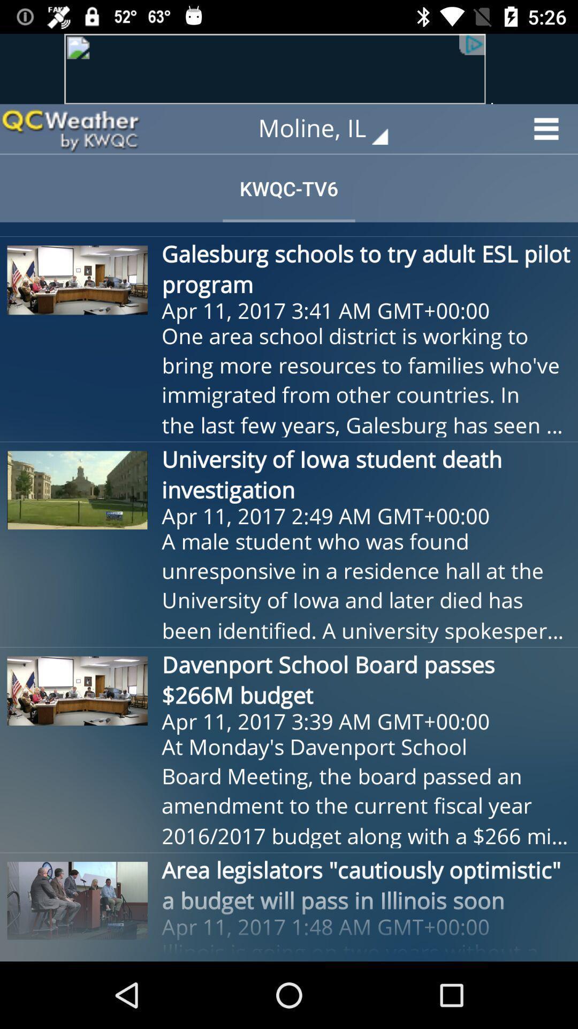 This screenshot has height=1029, width=578. I want to click on show picture, so click(289, 68).